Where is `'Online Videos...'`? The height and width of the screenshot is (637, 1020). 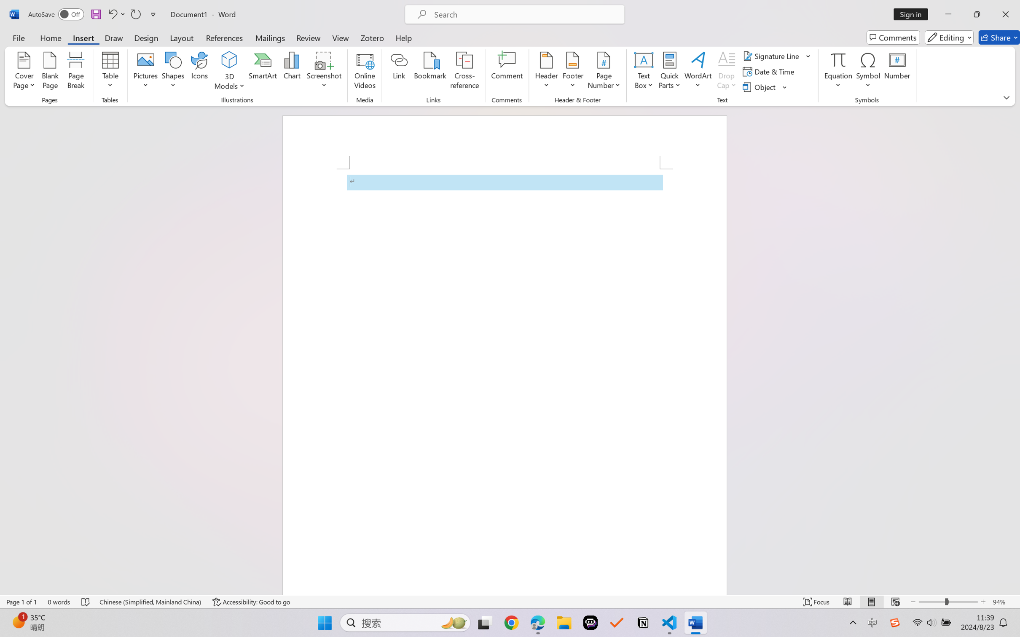
'Online Videos...' is located at coordinates (365, 72).